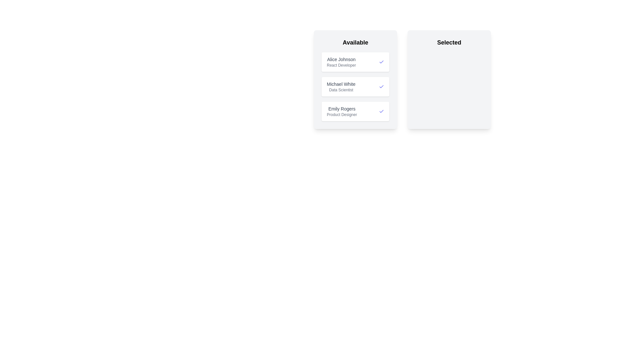  I want to click on the candidate entry Emily Rogers, so click(355, 111).